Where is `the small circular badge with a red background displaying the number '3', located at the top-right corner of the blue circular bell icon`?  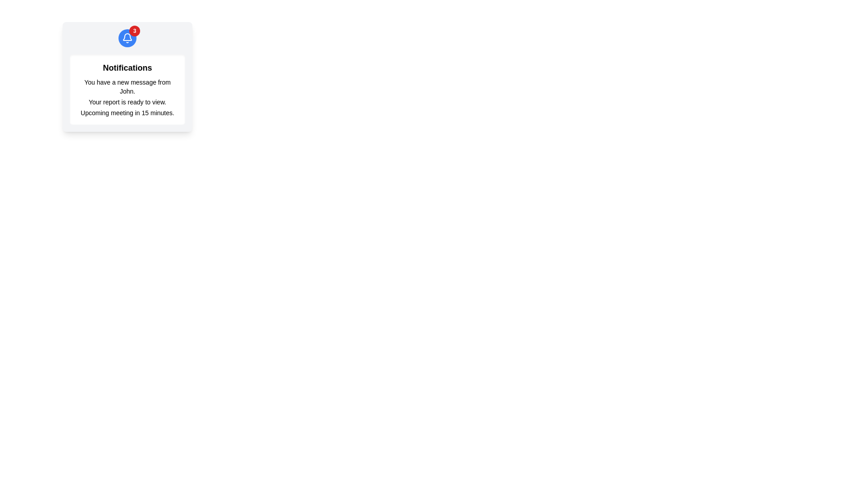 the small circular badge with a red background displaying the number '3', located at the top-right corner of the blue circular bell icon is located at coordinates (134, 31).